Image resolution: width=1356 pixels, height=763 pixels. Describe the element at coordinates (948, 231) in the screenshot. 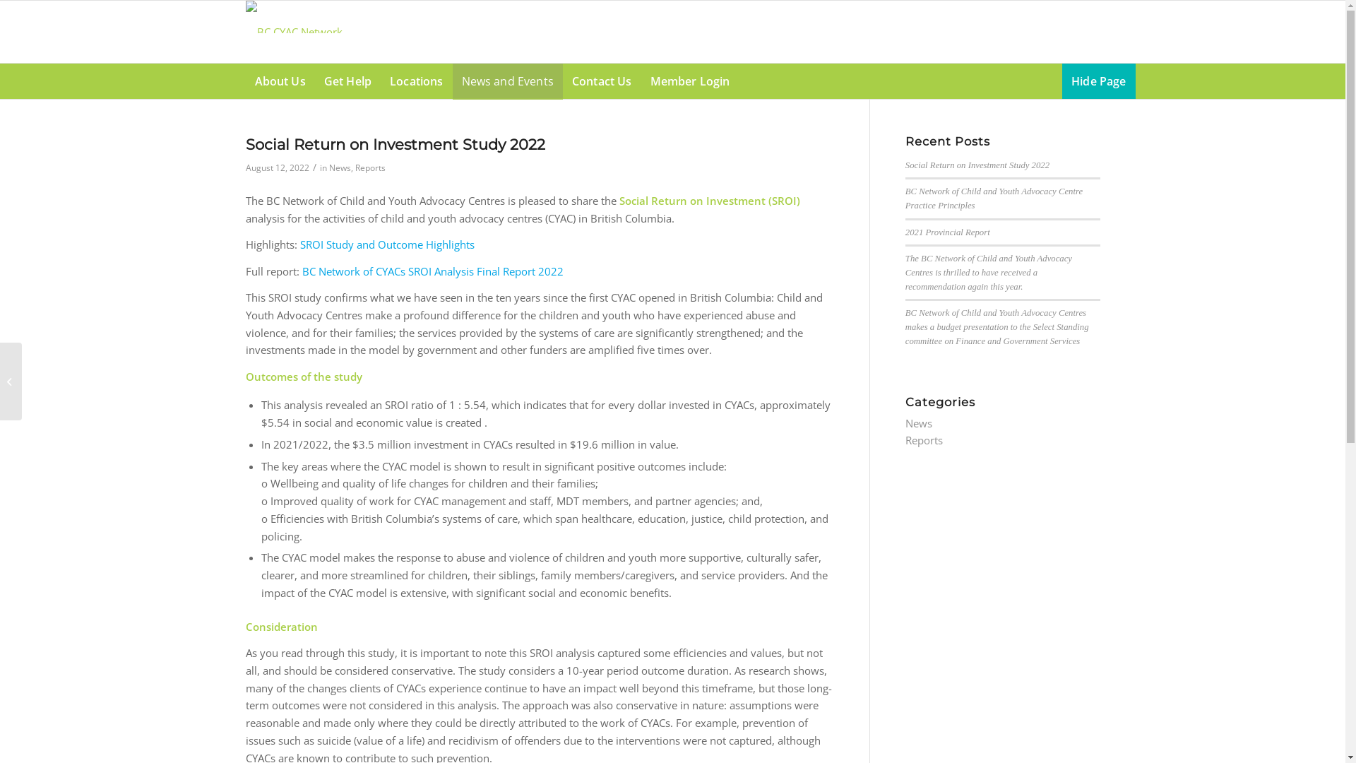

I see `'2021 Provincial Report'` at that location.